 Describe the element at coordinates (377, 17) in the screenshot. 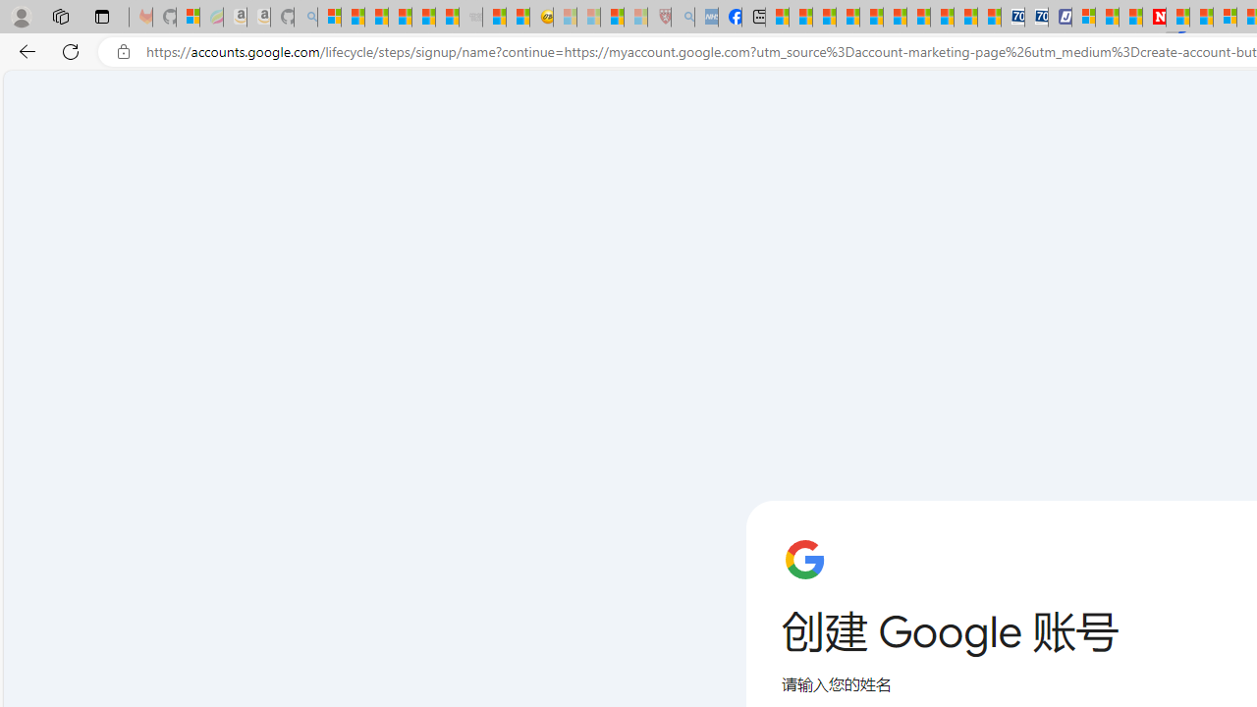

I see `'The Weather Channel - MSN'` at that location.